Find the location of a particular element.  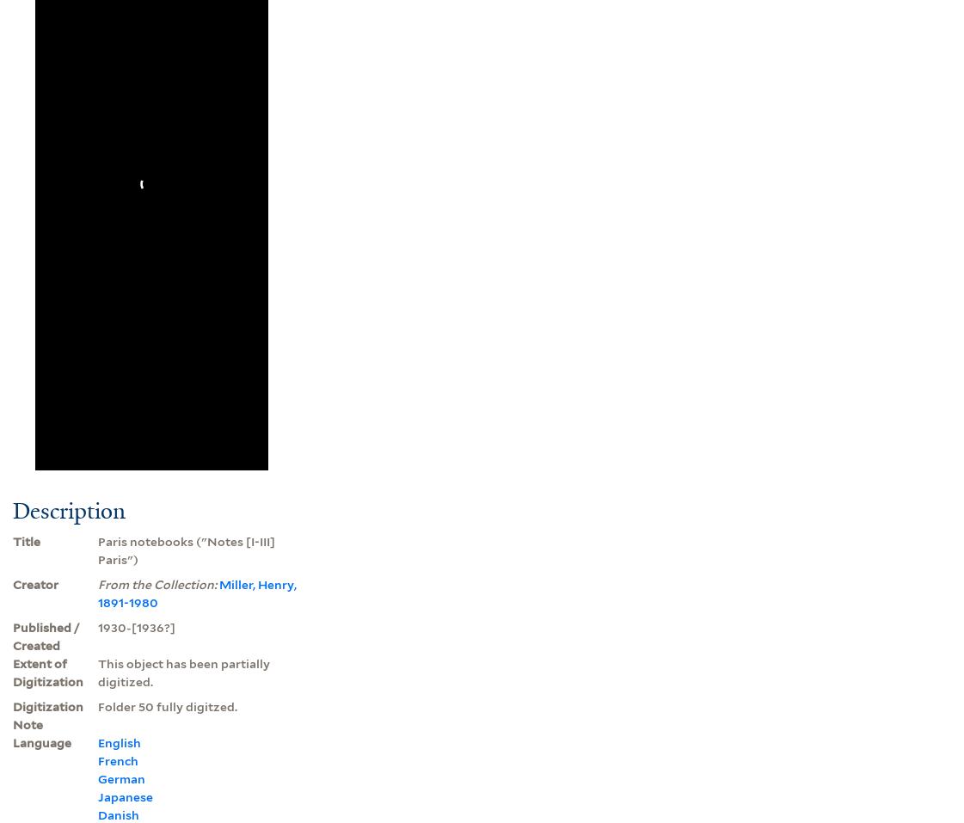

'Danish' is located at coordinates (117, 814).